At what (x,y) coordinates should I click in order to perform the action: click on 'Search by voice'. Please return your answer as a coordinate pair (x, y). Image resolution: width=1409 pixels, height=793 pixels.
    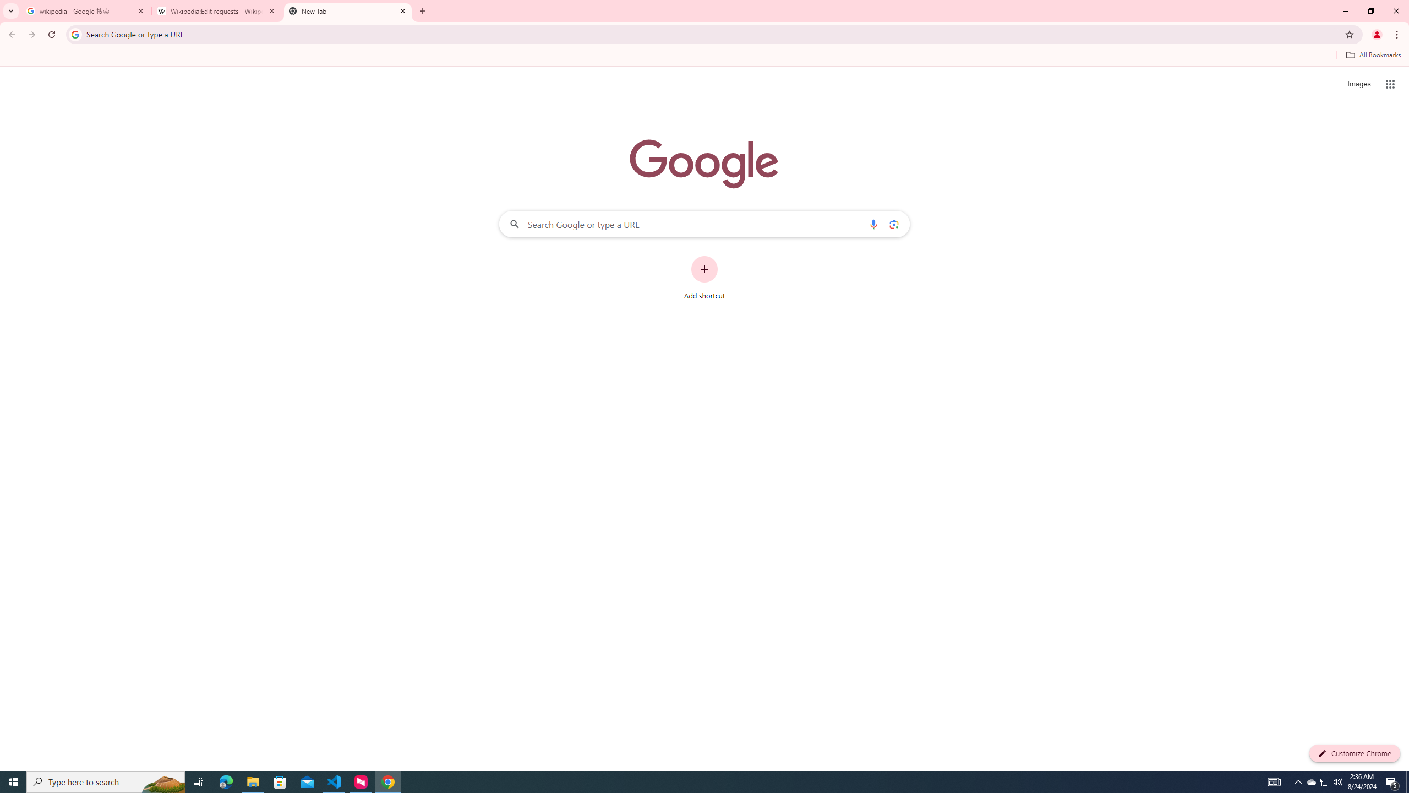
    Looking at the image, I should click on (873, 223).